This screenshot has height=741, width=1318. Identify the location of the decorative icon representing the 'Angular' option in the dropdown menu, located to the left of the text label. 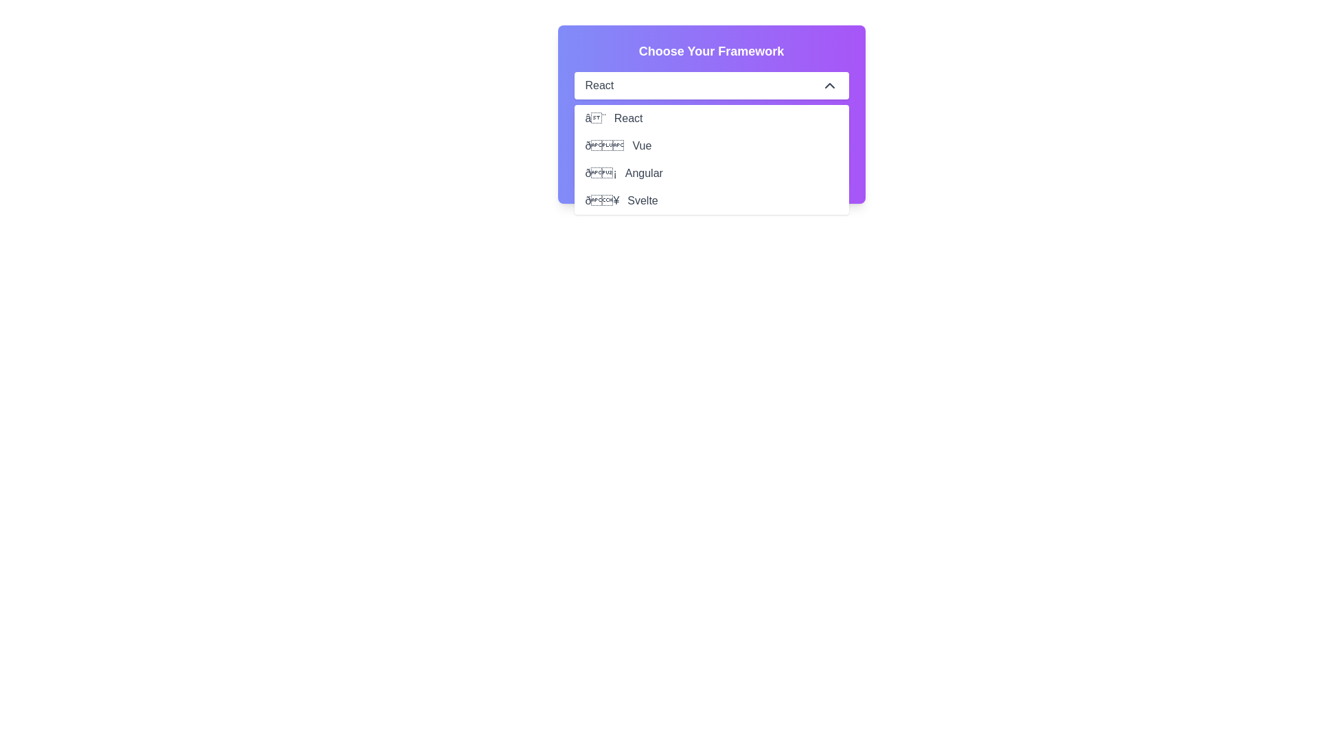
(601, 173).